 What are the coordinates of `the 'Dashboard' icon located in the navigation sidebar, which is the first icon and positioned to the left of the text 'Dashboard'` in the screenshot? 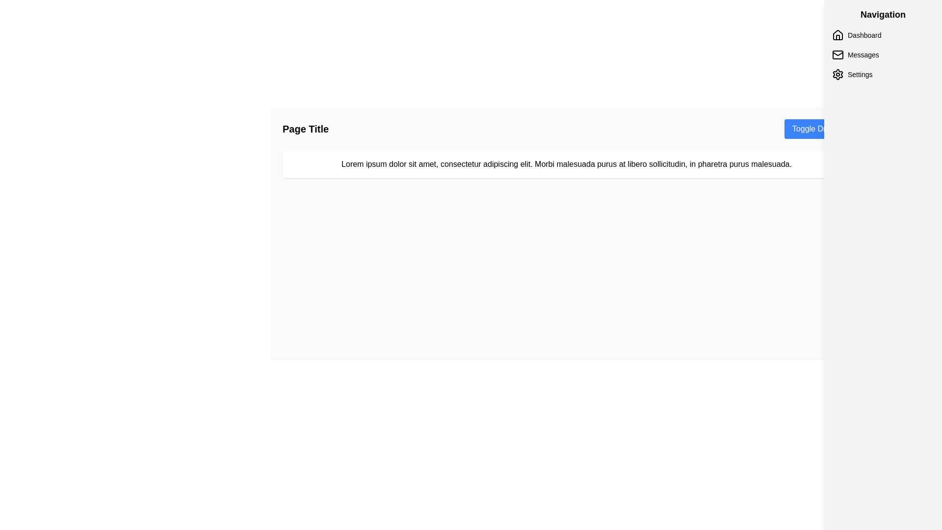 It's located at (837, 35).